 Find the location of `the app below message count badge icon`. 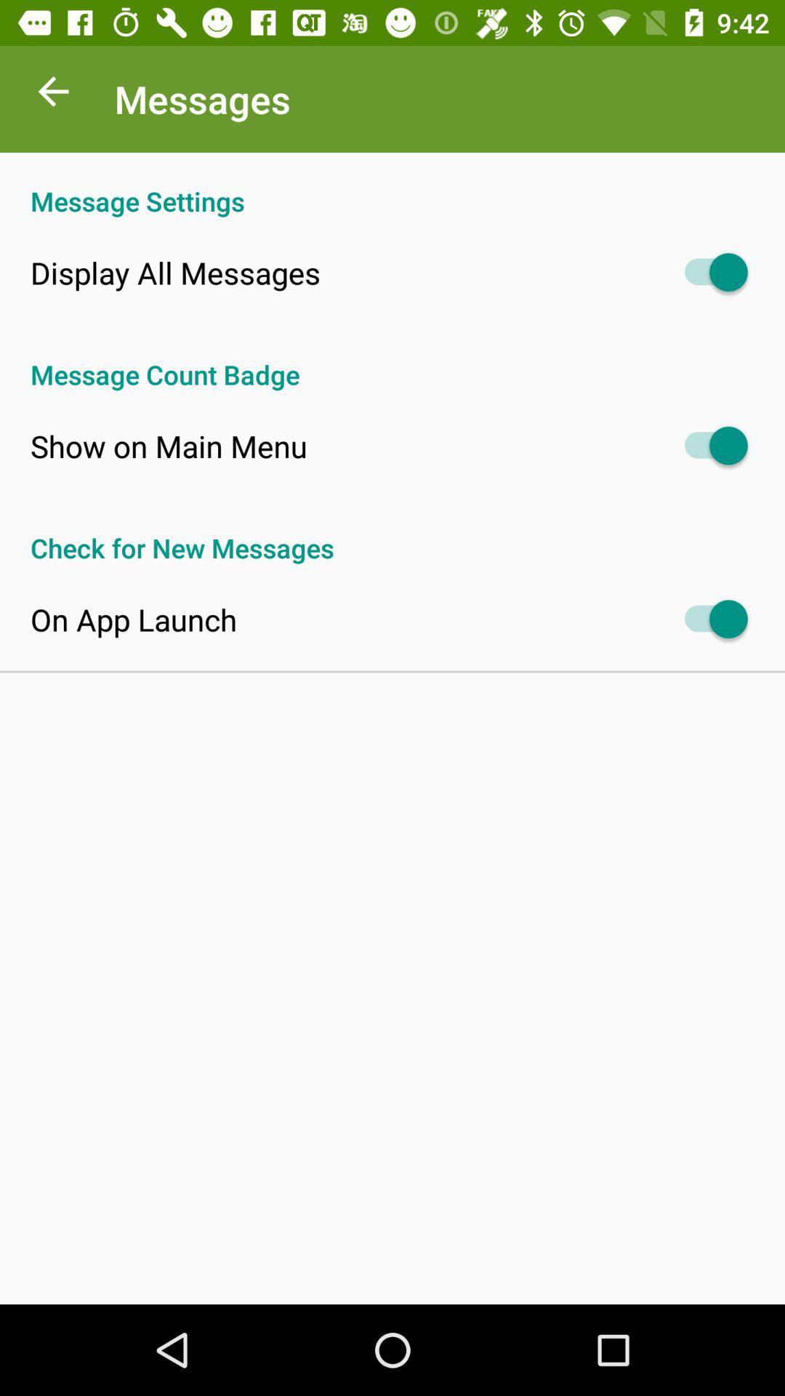

the app below message count badge icon is located at coordinates (168, 445).